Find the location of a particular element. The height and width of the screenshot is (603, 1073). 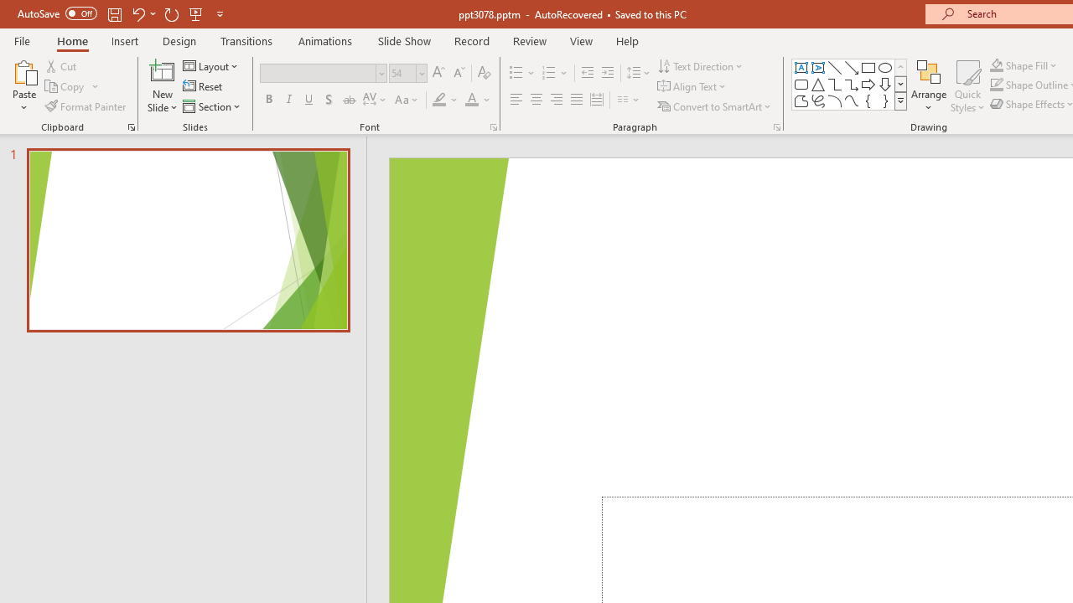

'Text Box' is located at coordinates (801, 67).